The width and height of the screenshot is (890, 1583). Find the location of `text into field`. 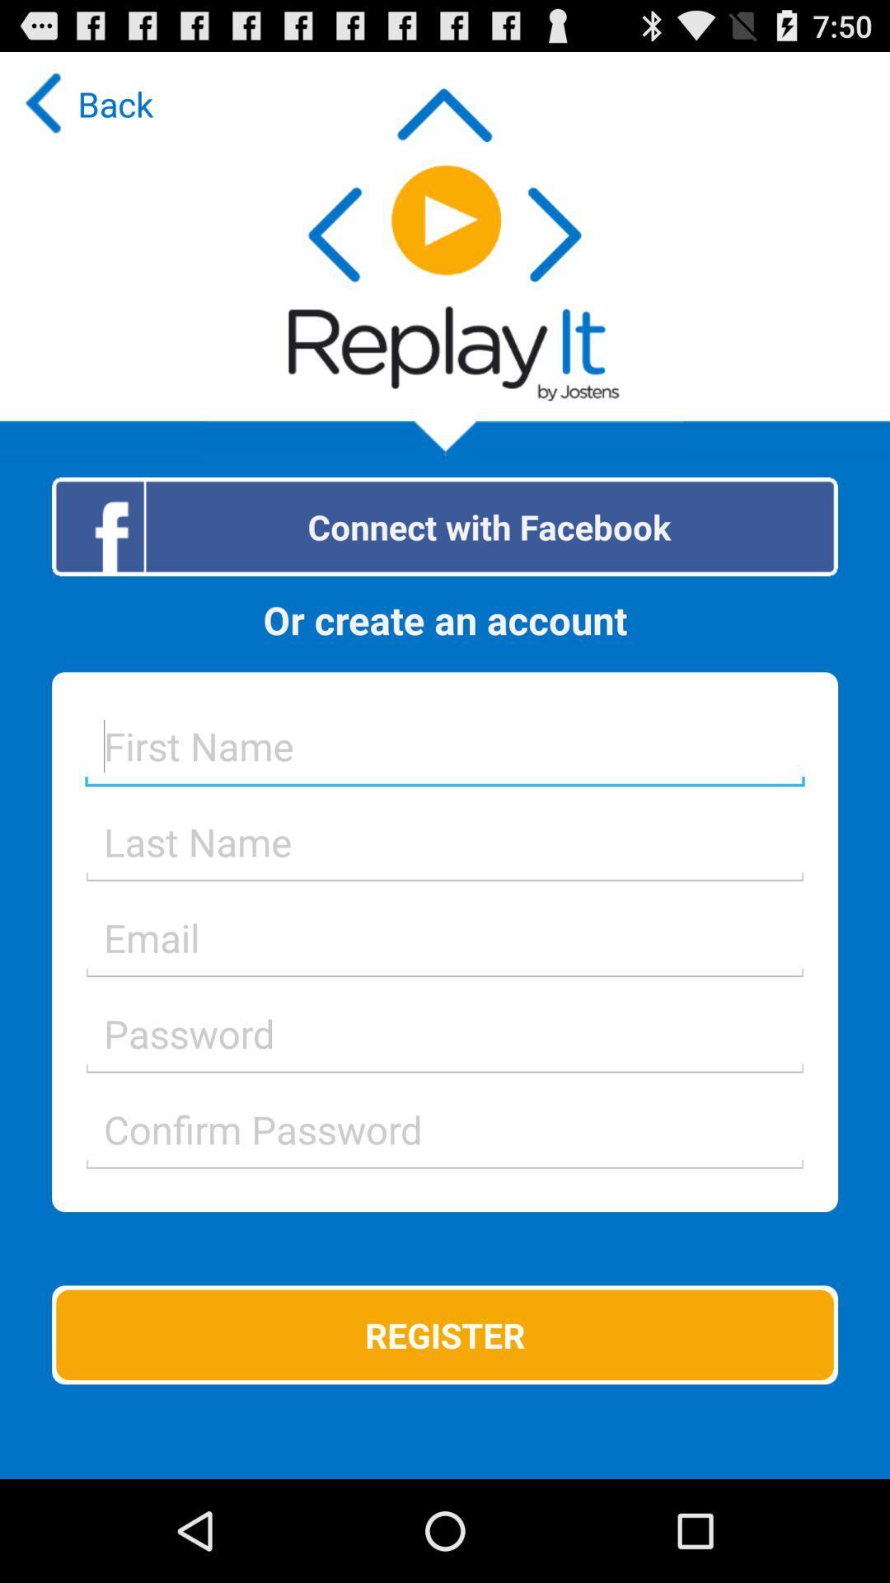

text into field is located at coordinates (445, 1128).